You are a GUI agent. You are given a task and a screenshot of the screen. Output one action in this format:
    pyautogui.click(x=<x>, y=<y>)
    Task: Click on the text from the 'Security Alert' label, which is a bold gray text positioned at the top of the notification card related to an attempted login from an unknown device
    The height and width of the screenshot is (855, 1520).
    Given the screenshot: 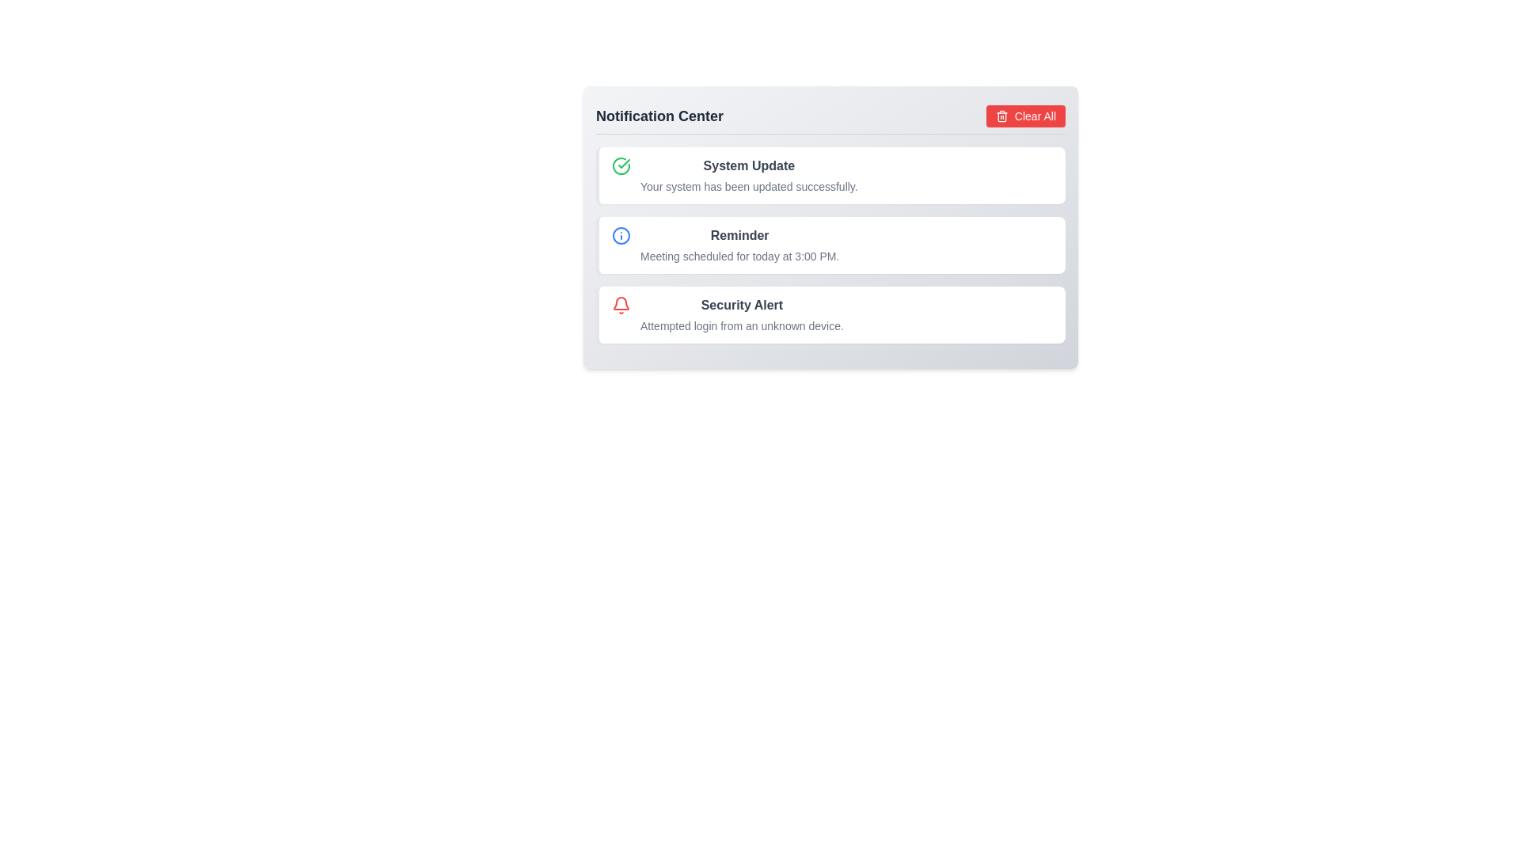 What is the action you would take?
    pyautogui.click(x=741, y=305)
    